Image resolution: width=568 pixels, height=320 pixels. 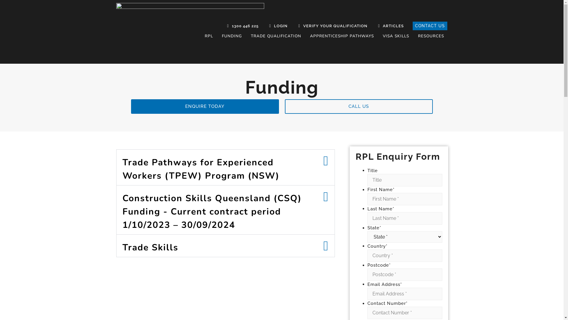 I want to click on 'TRADE QUALIFICATION', so click(x=275, y=36).